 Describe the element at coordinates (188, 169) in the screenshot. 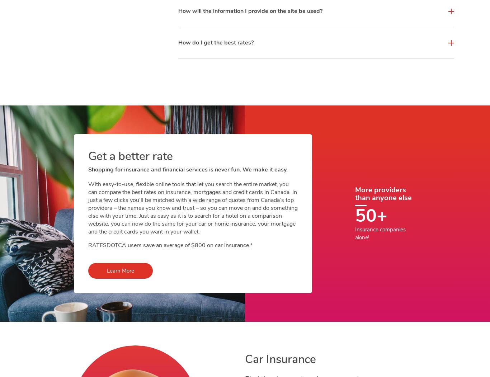

I see `'Shopping for insurance and financial services is never fun. We make it easy.'` at that location.